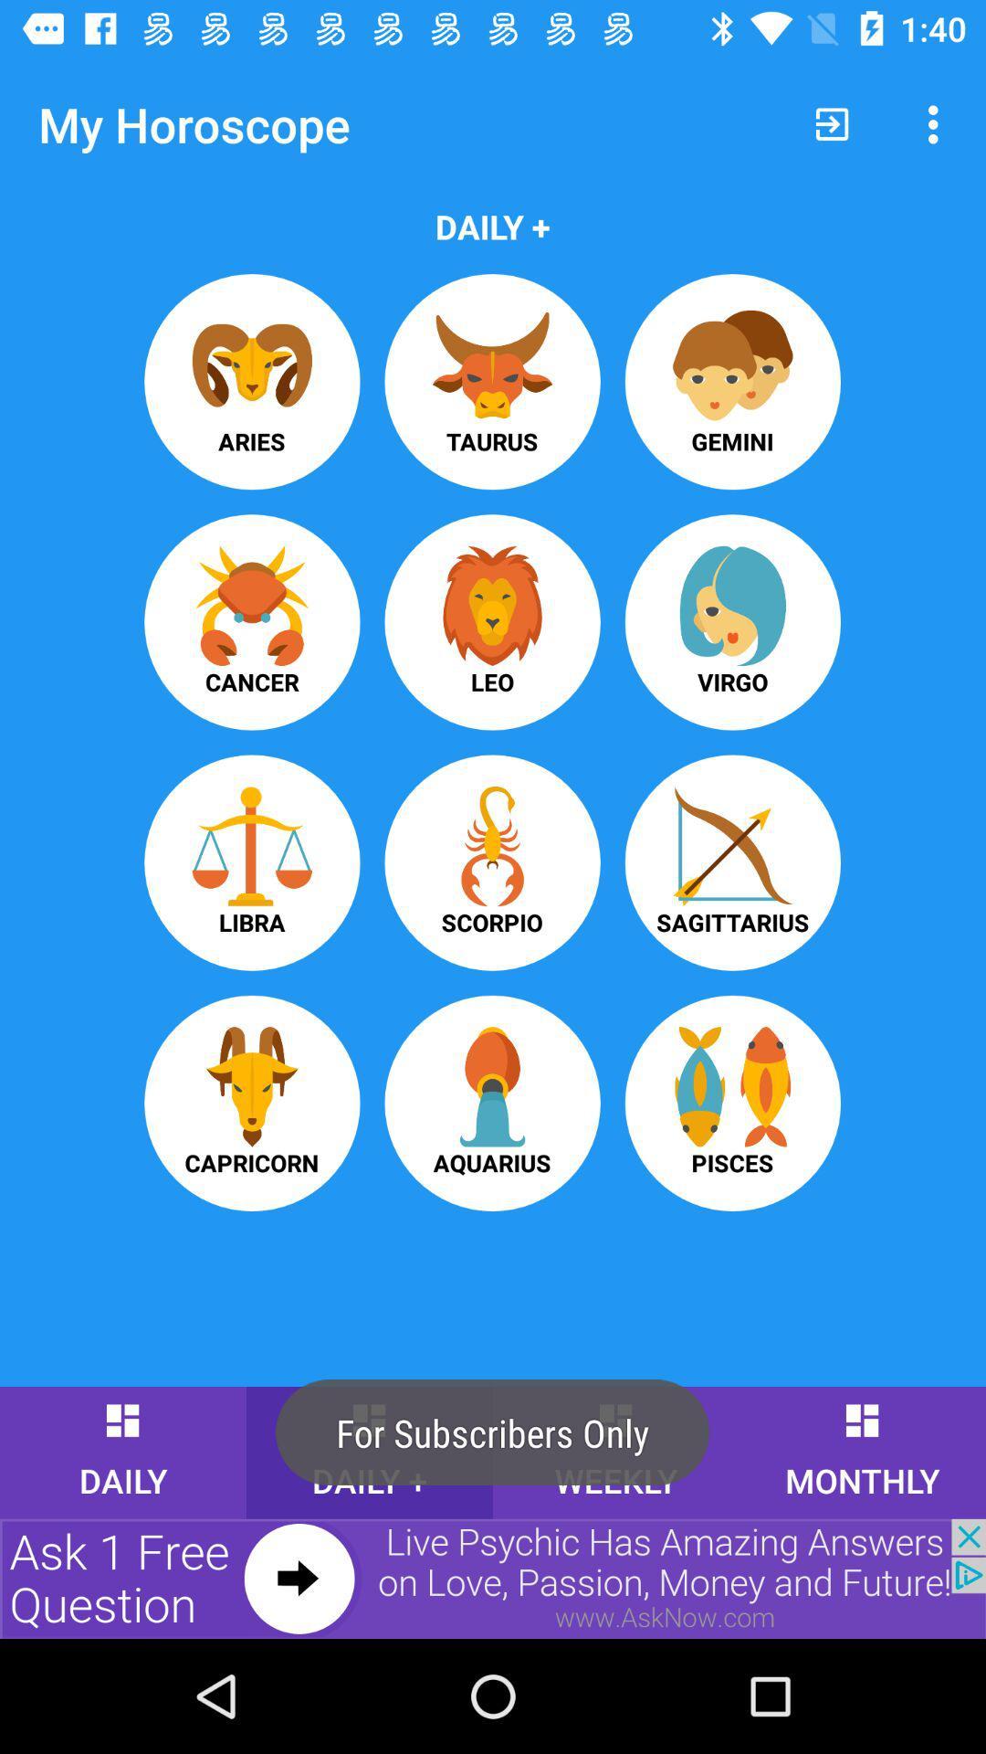  What do you see at coordinates (493, 1578) in the screenshot?
I see `advertising partner` at bounding box center [493, 1578].